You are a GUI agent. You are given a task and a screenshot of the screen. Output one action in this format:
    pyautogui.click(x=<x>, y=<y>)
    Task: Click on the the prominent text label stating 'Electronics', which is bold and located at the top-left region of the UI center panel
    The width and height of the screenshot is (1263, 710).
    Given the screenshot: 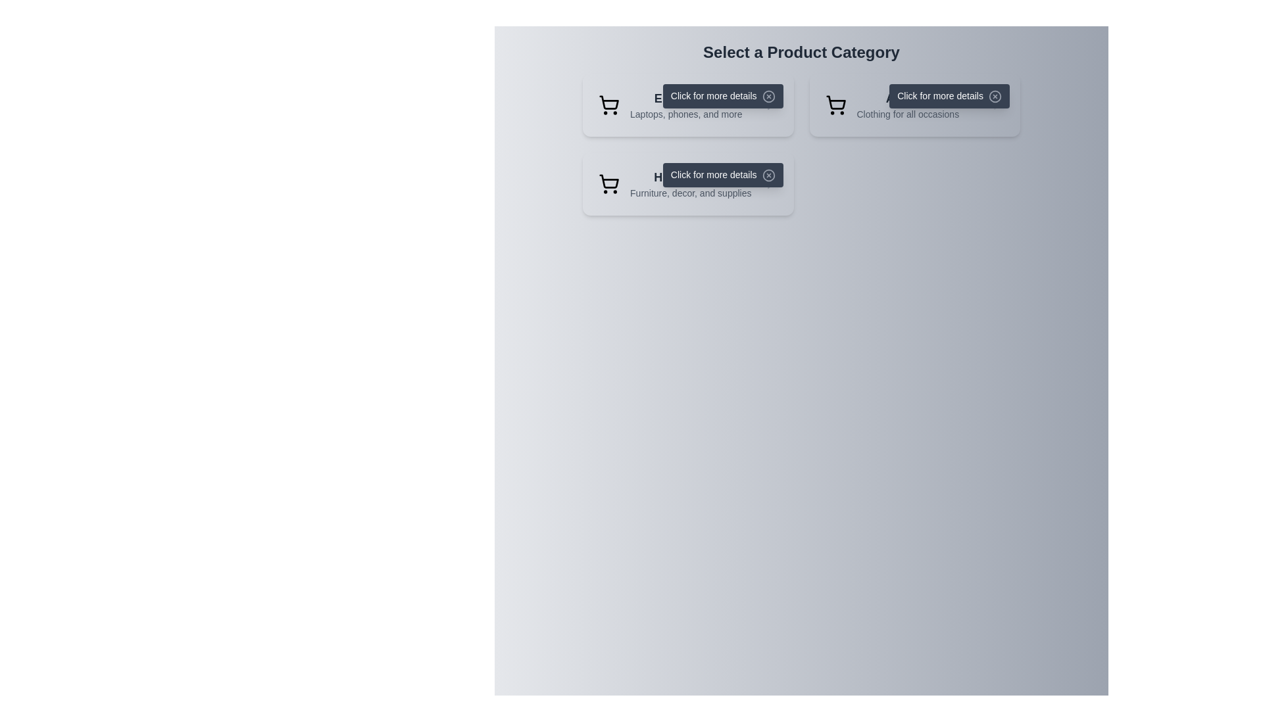 What is the action you would take?
    pyautogui.click(x=685, y=98)
    